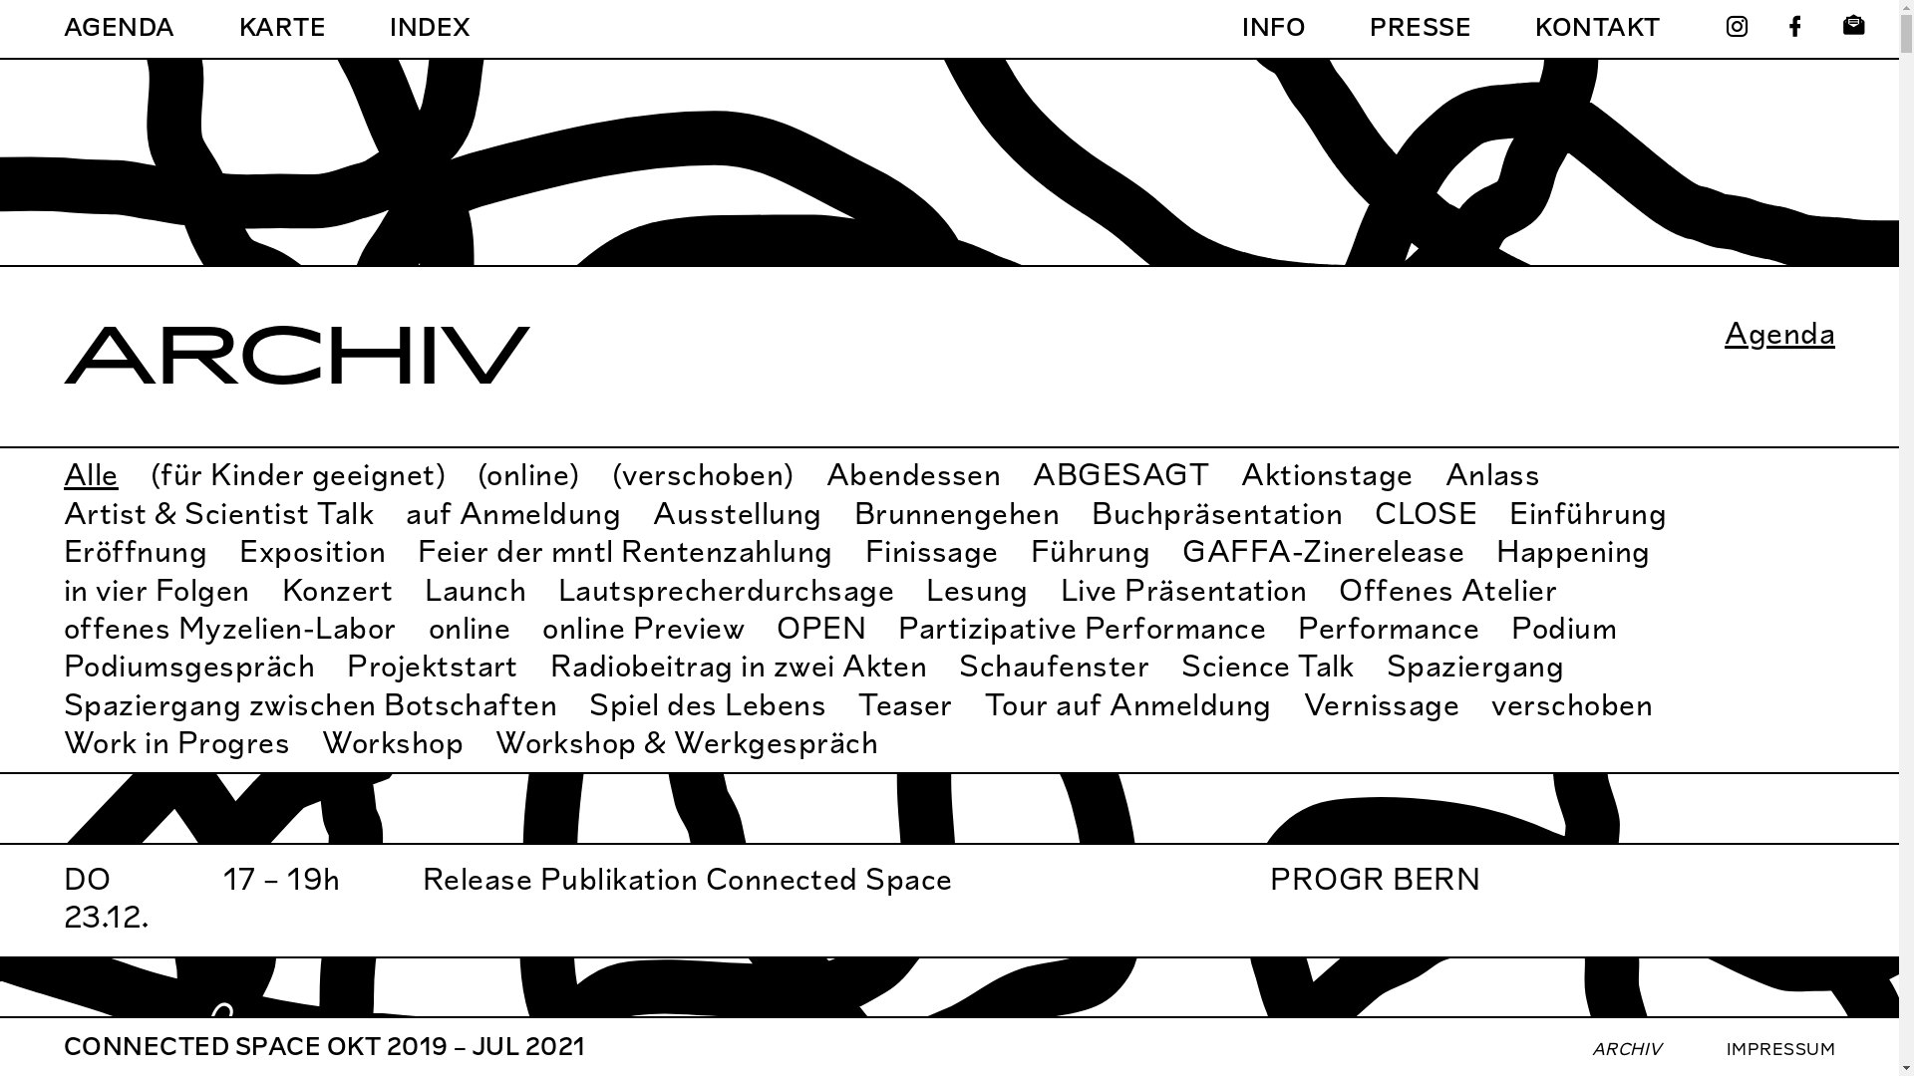 The image size is (1914, 1076). I want to click on 'Launch', so click(474, 589).